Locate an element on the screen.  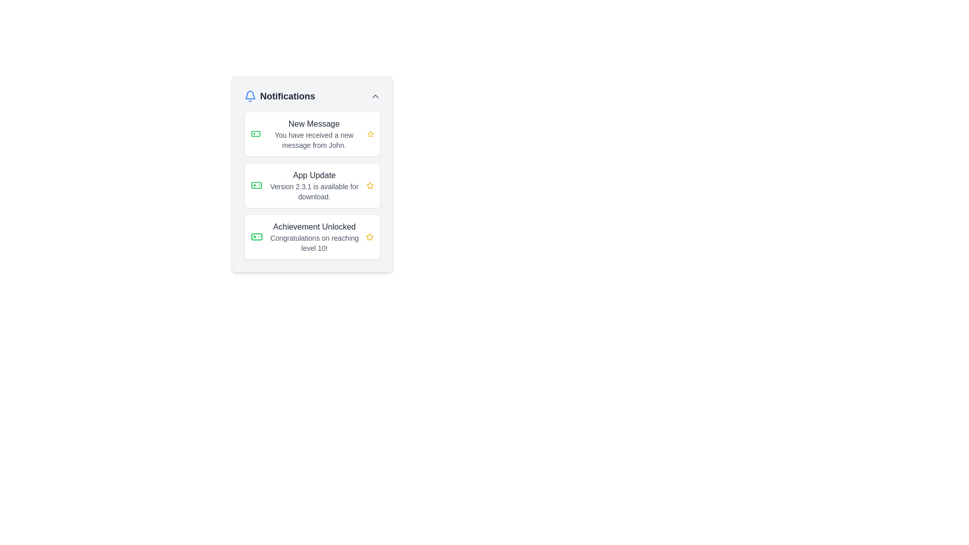
the text label displaying 'App Update' within the notification card in the Notifications panel is located at coordinates (314, 175).